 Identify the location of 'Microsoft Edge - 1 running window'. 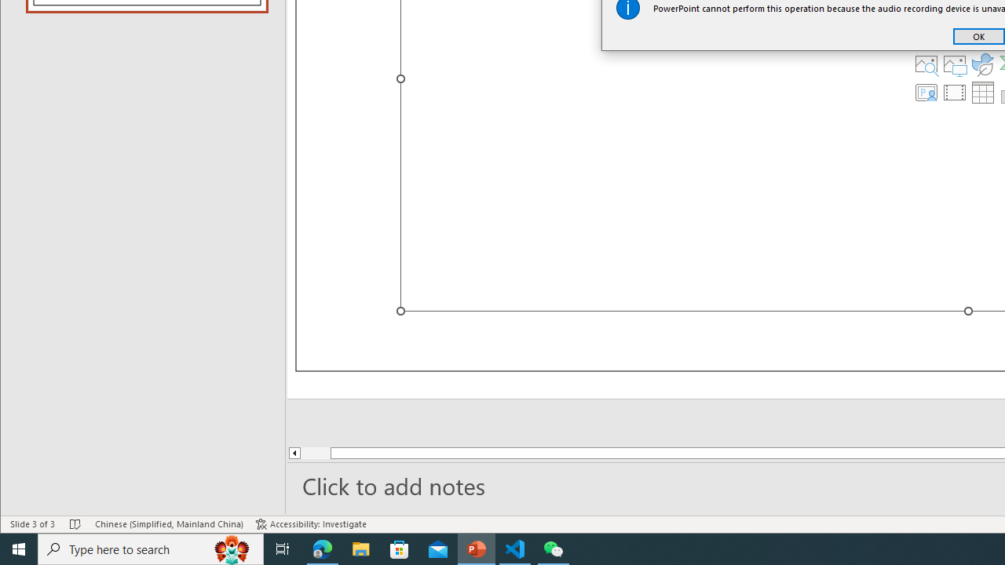
(322, 548).